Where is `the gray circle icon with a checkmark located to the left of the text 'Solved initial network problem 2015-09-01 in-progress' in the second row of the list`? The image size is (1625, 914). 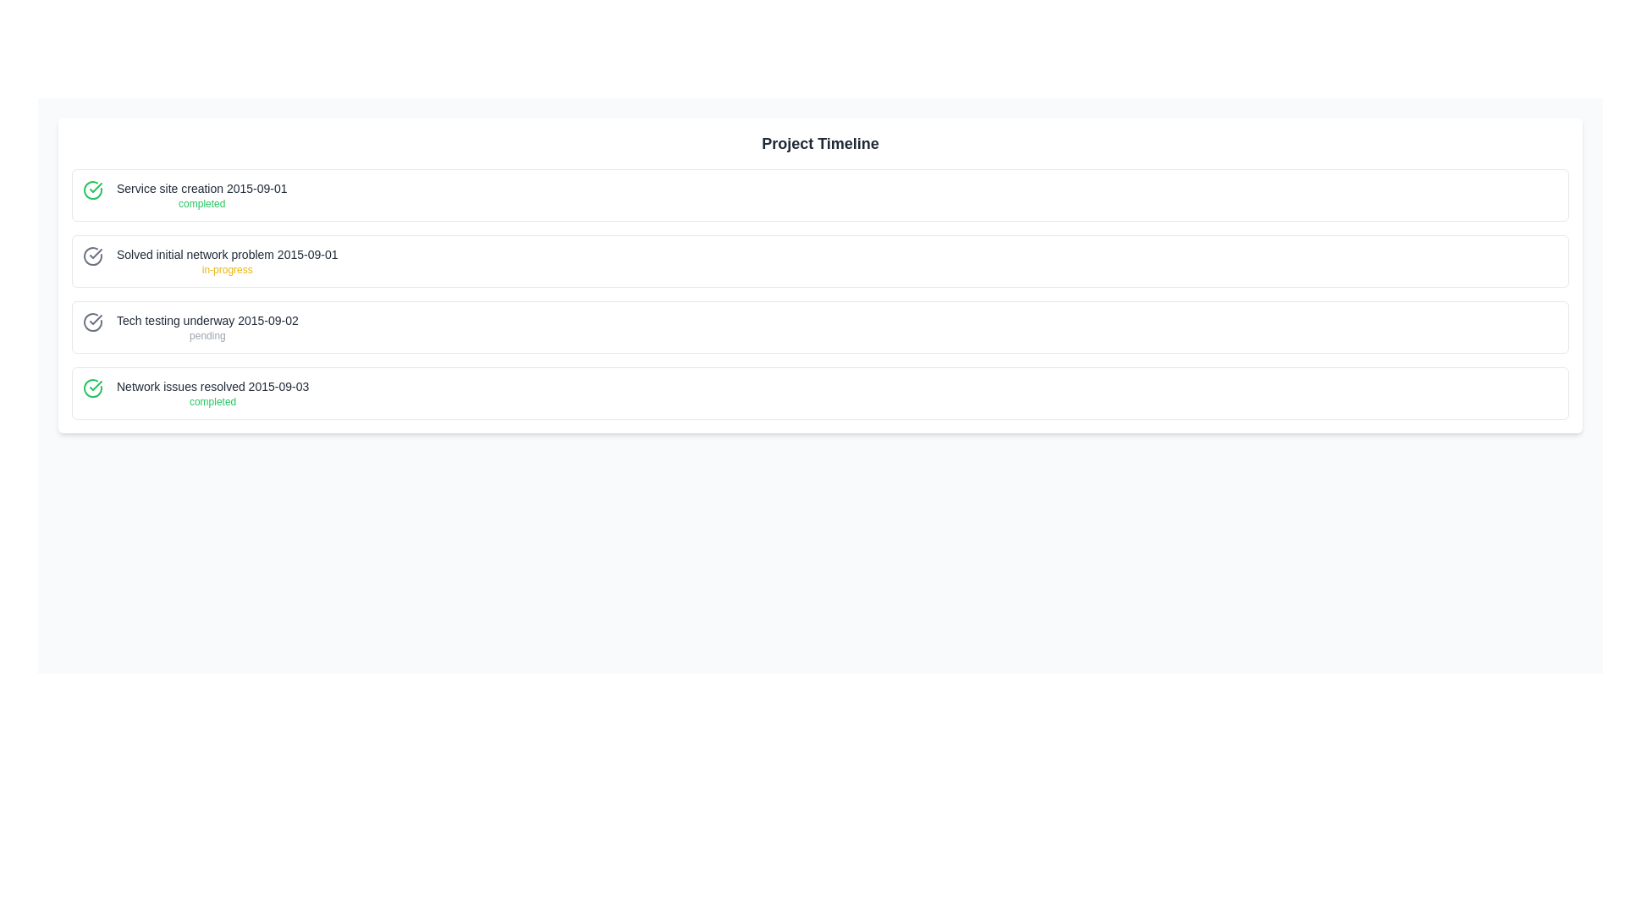 the gray circle icon with a checkmark located to the left of the text 'Solved initial network problem 2015-09-01 in-progress' in the second row of the list is located at coordinates (92, 256).